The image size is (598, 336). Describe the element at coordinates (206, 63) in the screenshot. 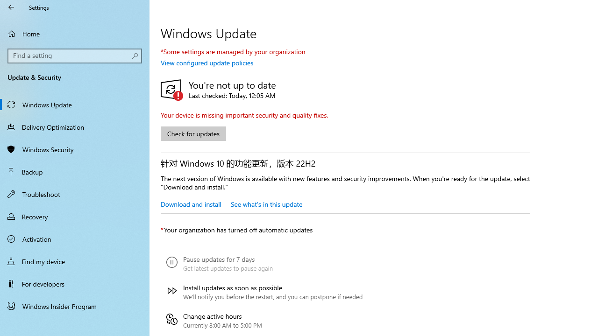

I see `'View configured update policies'` at that location.